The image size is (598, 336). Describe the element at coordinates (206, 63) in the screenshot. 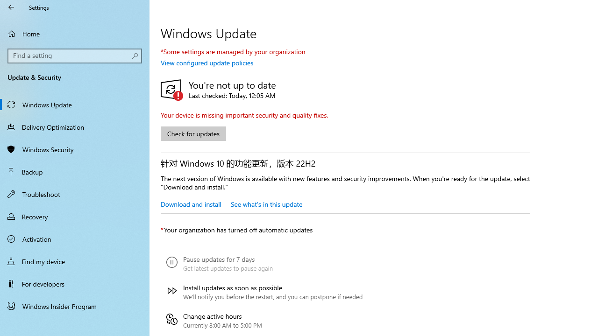

I see `'View configured update policies'` at that location.